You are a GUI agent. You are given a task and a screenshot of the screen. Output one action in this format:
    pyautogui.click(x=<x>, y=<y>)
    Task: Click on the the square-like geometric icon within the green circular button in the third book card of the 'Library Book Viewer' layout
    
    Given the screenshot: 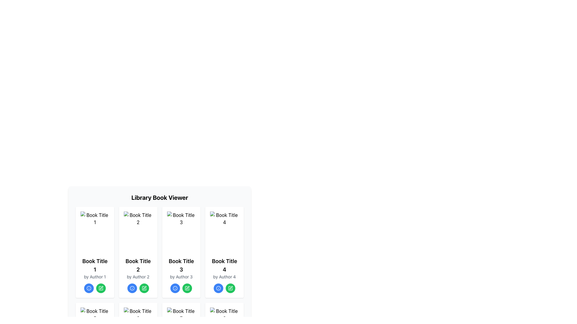 What is the action you would take?
    pyautogui.click(x=144, y=288)
    